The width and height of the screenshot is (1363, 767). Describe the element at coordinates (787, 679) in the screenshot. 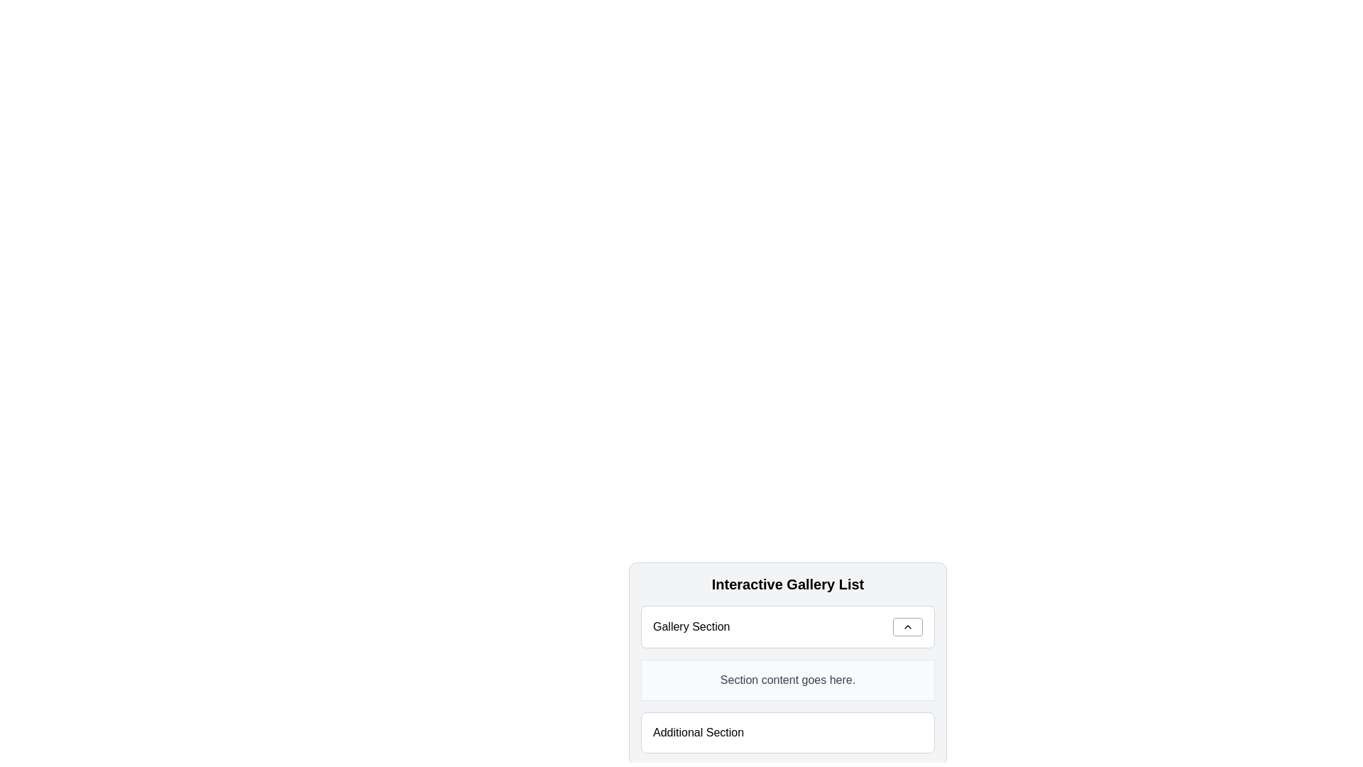

I see `the static text element that states 'Section content goes here.' which is styled in dark gray and centered within a light gray box` at that location.